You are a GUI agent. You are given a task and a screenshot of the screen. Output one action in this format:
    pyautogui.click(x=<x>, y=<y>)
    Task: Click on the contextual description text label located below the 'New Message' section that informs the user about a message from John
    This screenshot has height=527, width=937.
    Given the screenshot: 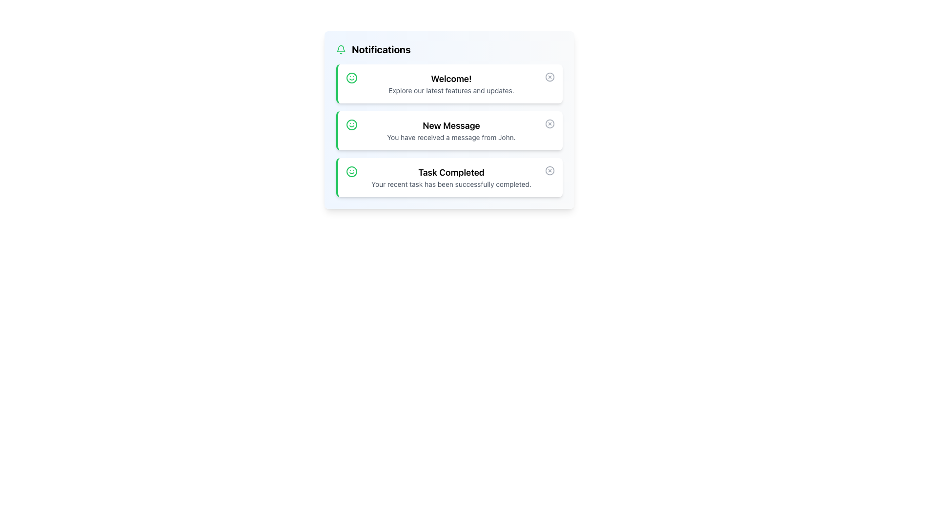 What is the action you would take?
    pyautogui.click(x=451, y=137)
    